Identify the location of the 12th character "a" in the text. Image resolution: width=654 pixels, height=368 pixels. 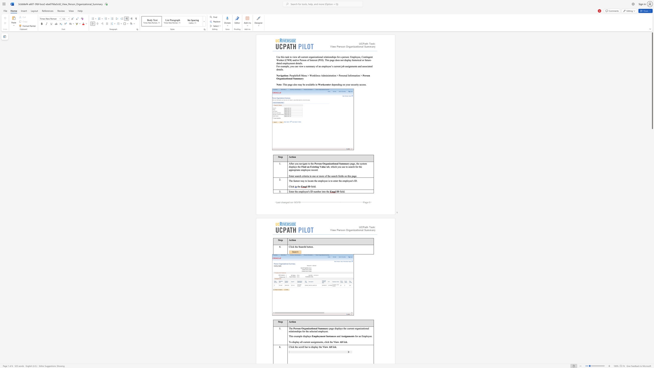
(278, 63).